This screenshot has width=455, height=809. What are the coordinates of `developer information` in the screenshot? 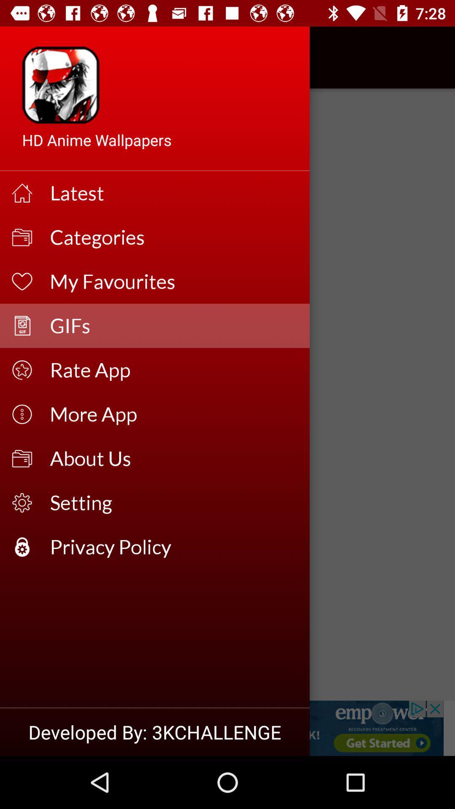 It's located at (227, 728).